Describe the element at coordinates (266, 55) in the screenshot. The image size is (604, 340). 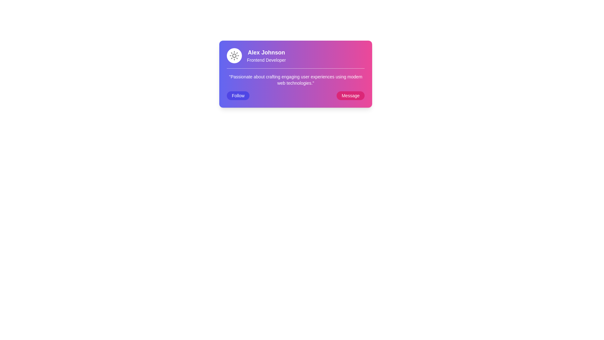
I see `displayed content of the Text display component showing 'Alex Johnson' and 'Frontend Developer', which is located in a card-like component with a gradient background` at that location.